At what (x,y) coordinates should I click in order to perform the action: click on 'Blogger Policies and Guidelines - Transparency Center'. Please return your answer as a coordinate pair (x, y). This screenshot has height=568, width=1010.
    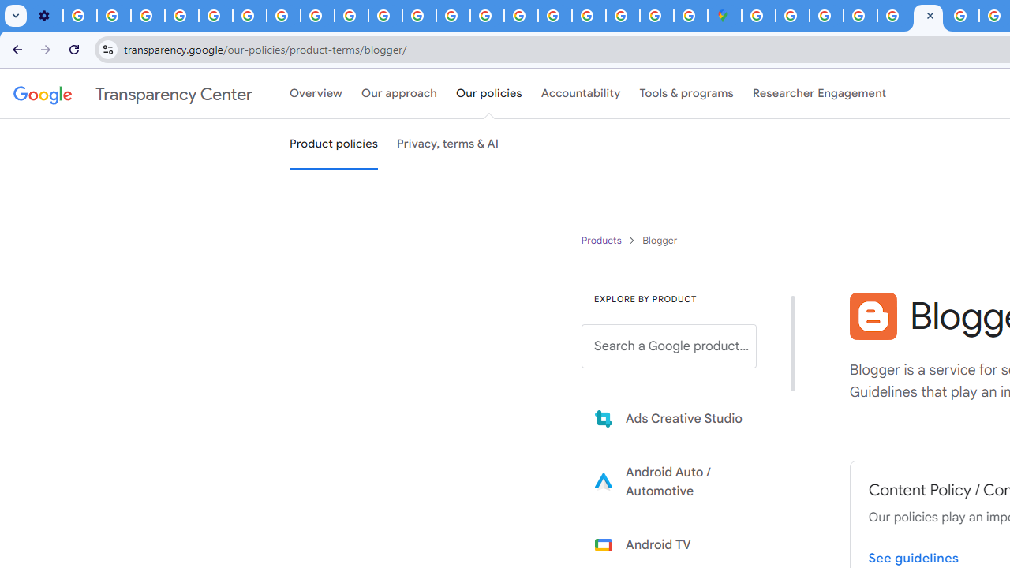
    Looking at the image, I should click on (928, 16).